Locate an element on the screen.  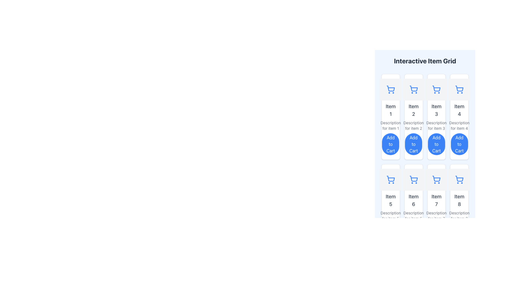
the textual component displaying 'Description for item 6' in small gray font, located below the title 'Item 6' and above the 'Add to Cart' button on the sixth item card is located at coordinates (413, 216).